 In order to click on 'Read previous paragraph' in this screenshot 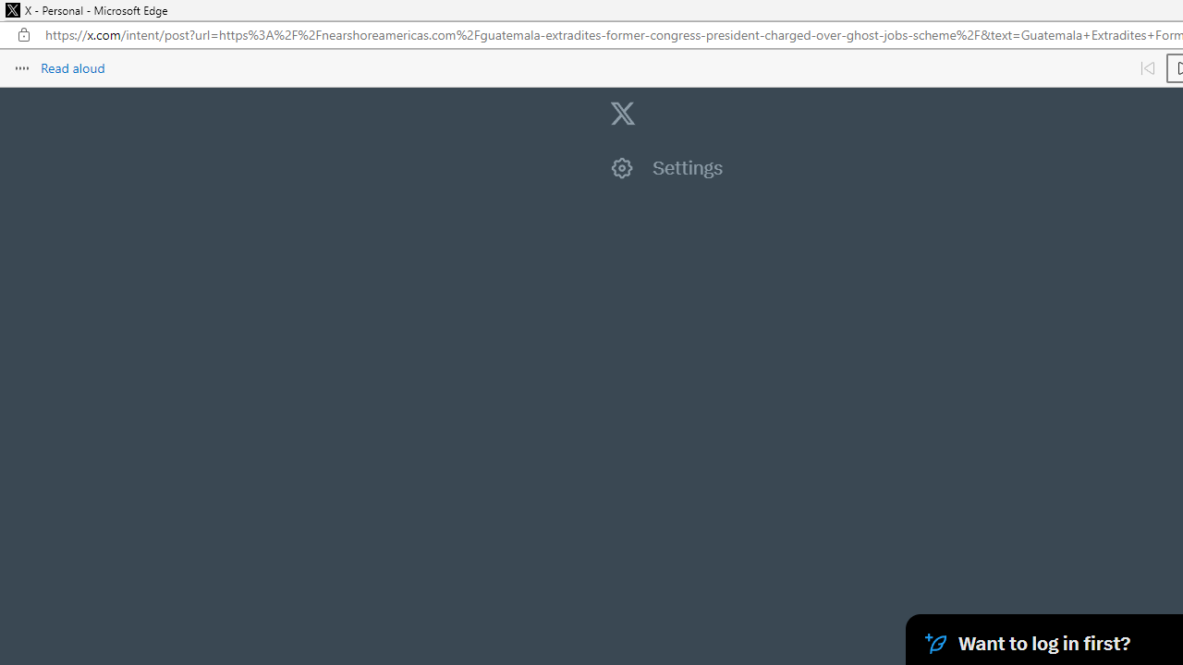, I will do `click(1146, 67)`.